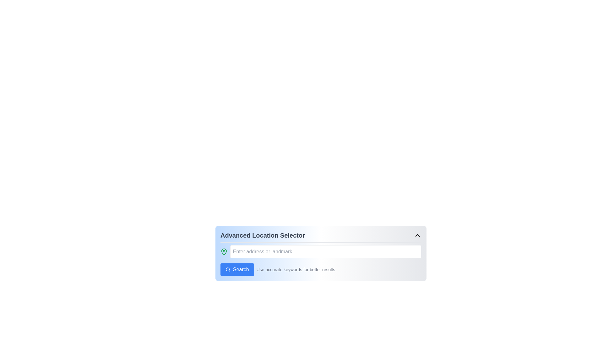 This screenshot has width=603, height=339. I want to click on the location input field in the 'Advanced Location Selector' form, so click(321, 251).